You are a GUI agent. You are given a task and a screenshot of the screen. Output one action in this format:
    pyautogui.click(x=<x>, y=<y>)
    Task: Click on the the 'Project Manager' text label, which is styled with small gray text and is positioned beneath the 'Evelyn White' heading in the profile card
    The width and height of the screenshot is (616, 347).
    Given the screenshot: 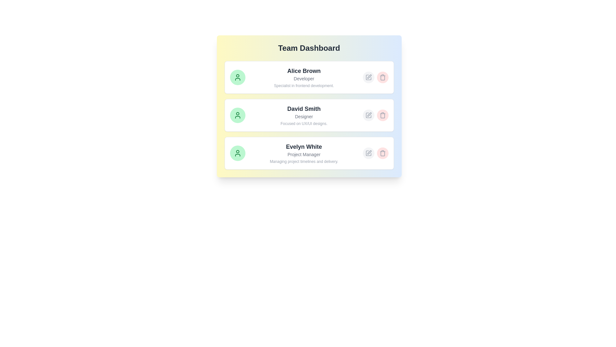 What is the action you would take?
    pyautogui.click(x=304, y=155)
    